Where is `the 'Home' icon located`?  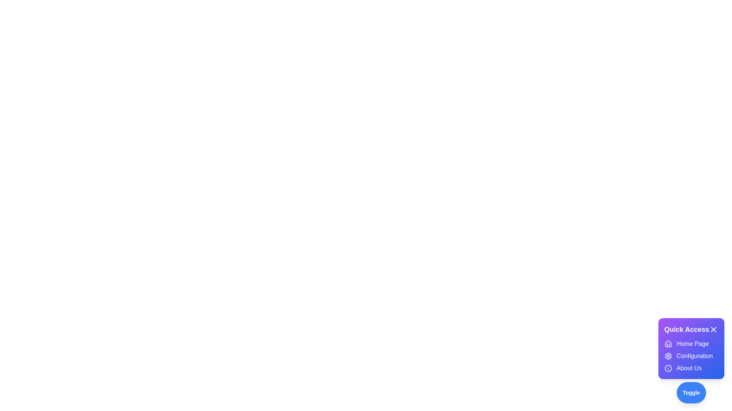 the 'Home' icon located is located at coordinates (668, 344).